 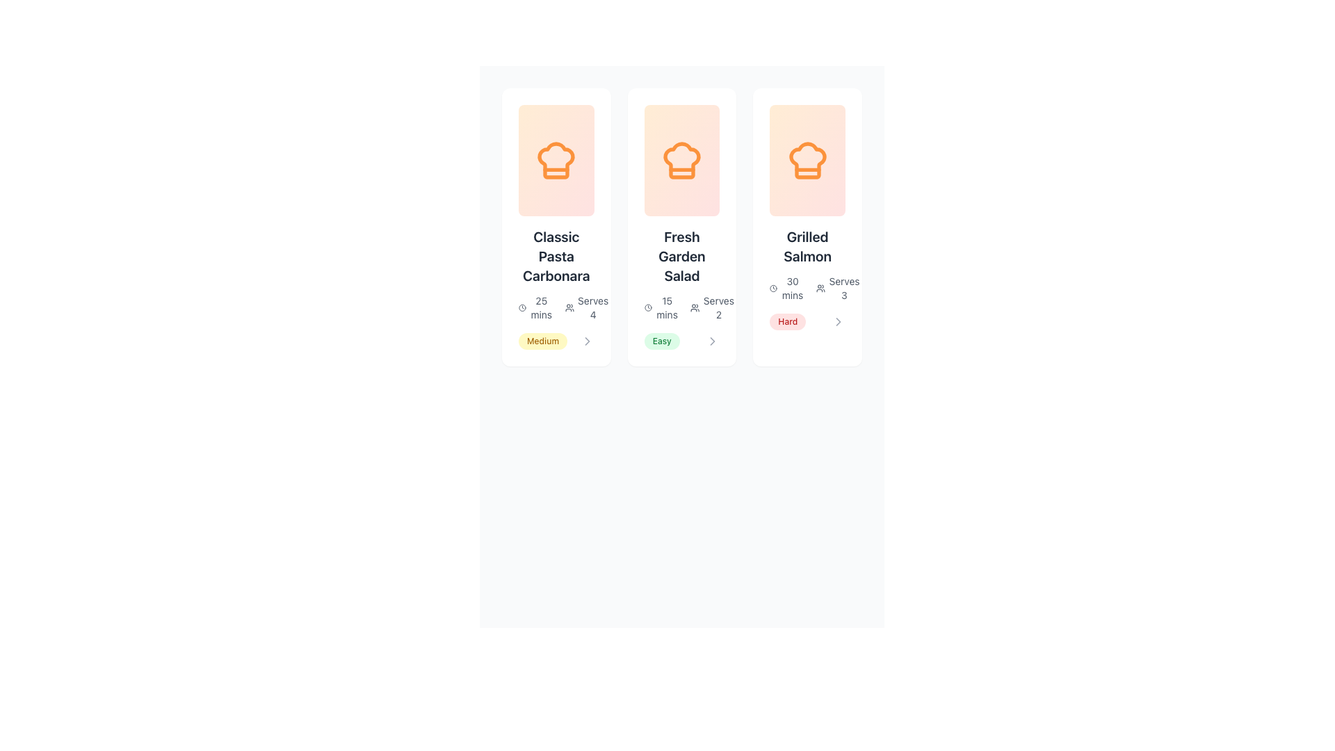 What do you see at coordinates (647, 307) in the screenshot?
I see `the clock icon, which is a minimalistic design with a circular outer border and clock hands pointing at 12 and approximately 2 o’clock, located to the left of the text '15 mins' in the second card section under 'Fresh Garden Salad'` at bounding box center [647, 307].